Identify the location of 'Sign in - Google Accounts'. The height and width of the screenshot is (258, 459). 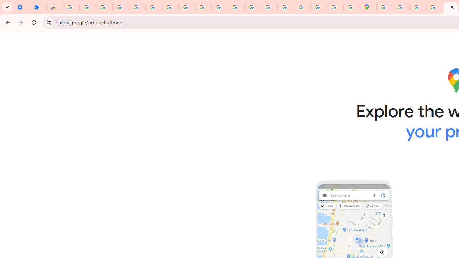
(71, 7).